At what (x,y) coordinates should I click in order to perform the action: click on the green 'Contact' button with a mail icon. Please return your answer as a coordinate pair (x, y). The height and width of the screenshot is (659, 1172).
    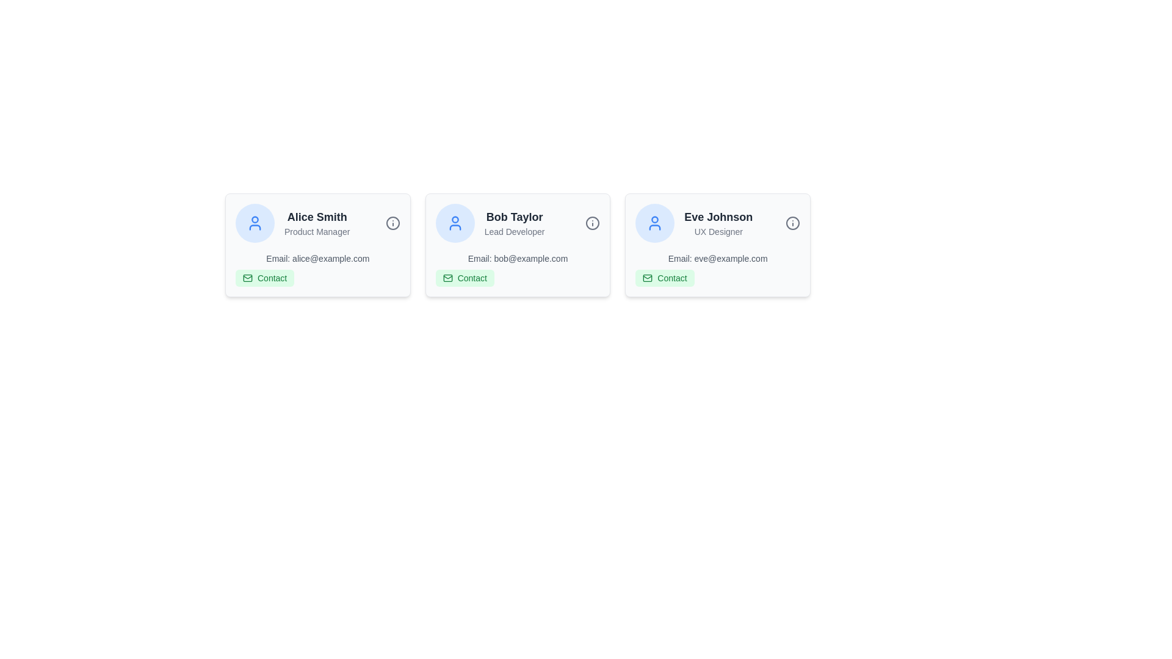
    Looking at the image, I should click on (464, 278).